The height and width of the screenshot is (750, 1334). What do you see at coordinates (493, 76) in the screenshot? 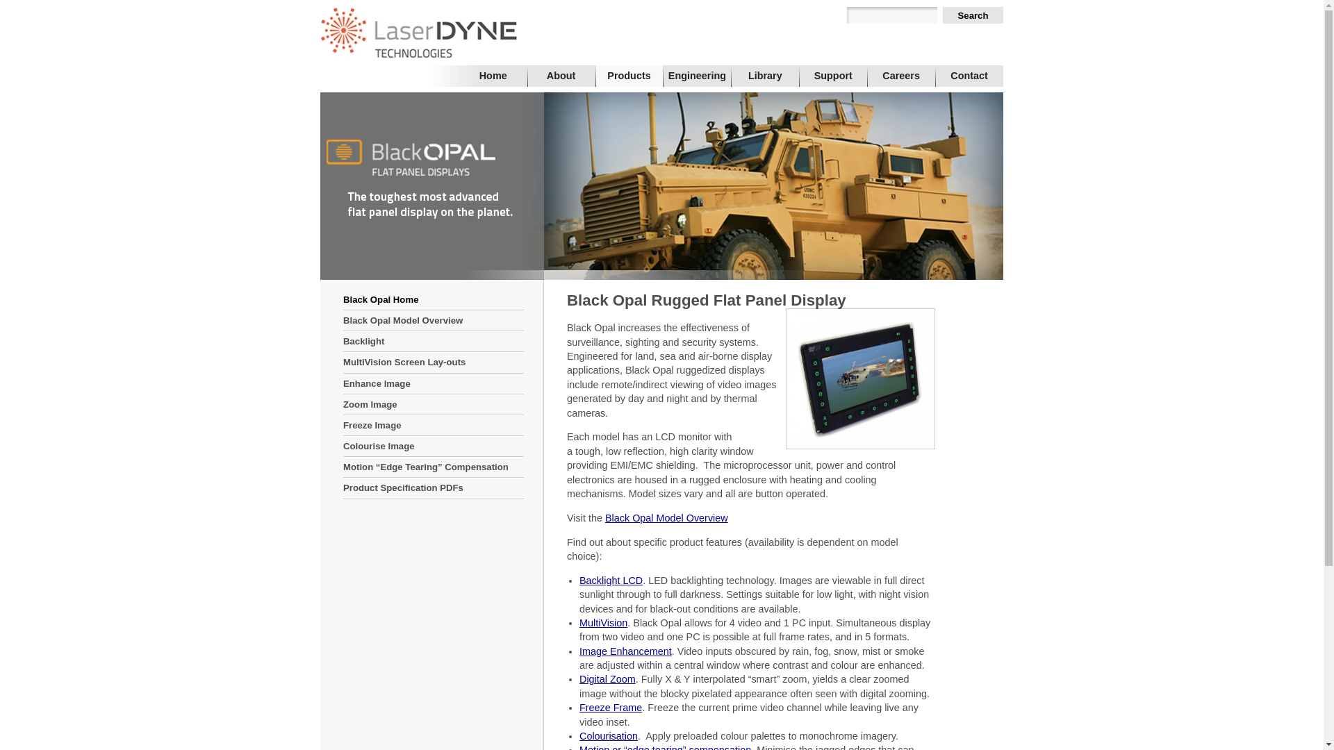
I see `'Home'` at bounding box center [493, 76].